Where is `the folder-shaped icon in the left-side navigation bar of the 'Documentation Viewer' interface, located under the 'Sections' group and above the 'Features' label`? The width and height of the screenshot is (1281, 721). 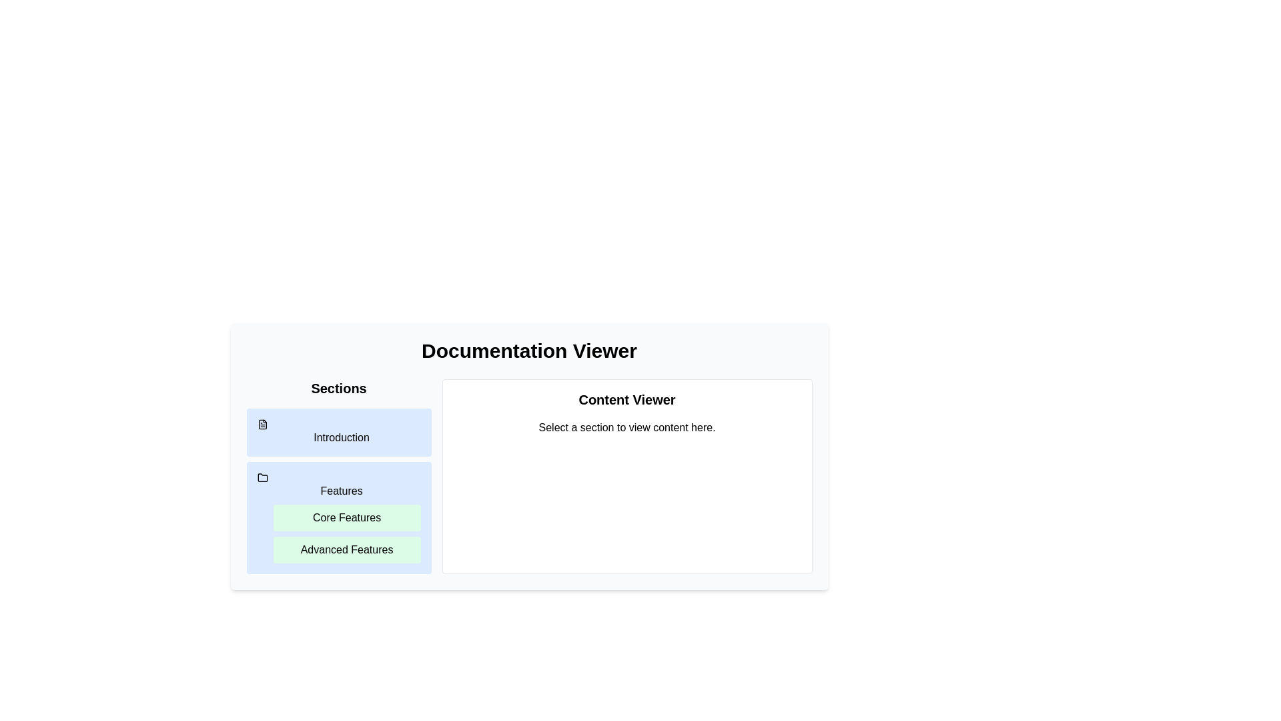 the folder-shaped icon in the left-side navigation bar of the 'Documentation Viewer' interface, located under the 'Sections' group and above the 'Features' label is located at coordinates (262, 477).